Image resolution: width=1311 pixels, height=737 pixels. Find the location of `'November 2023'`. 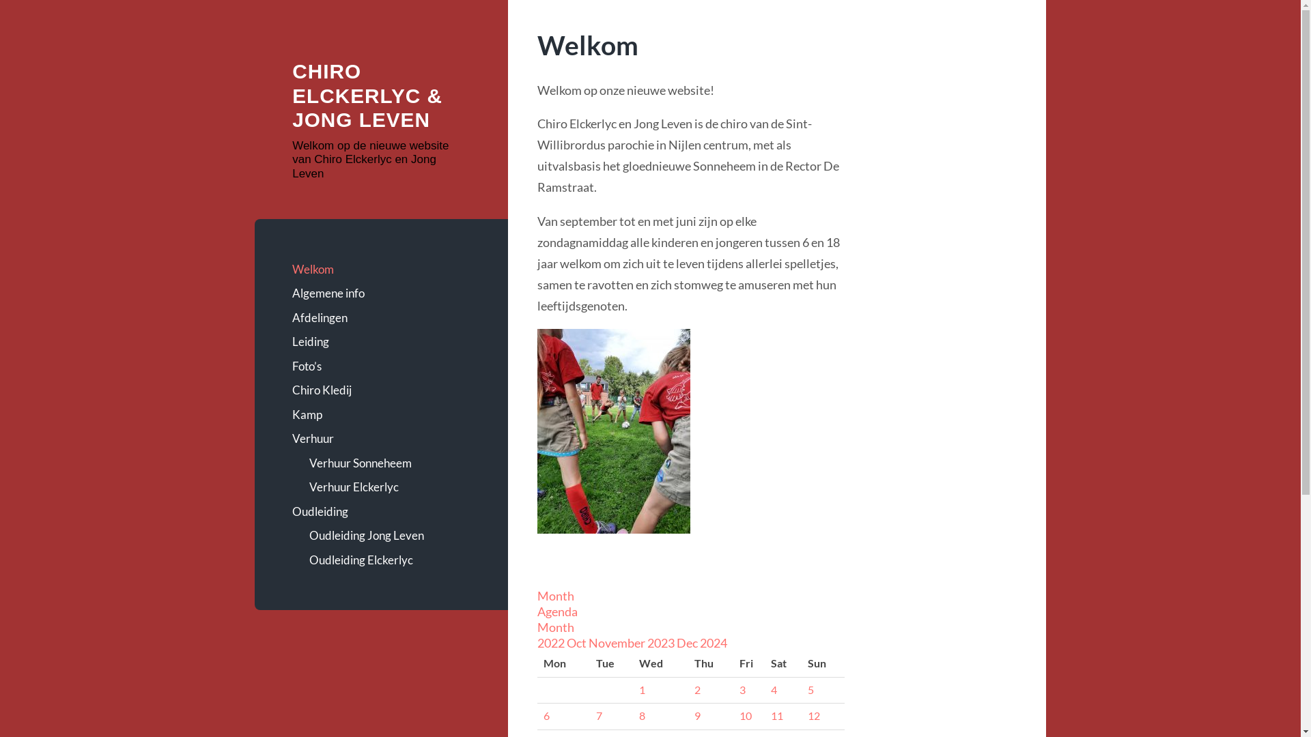

'November 2023' is located at coordinates (632, 642).